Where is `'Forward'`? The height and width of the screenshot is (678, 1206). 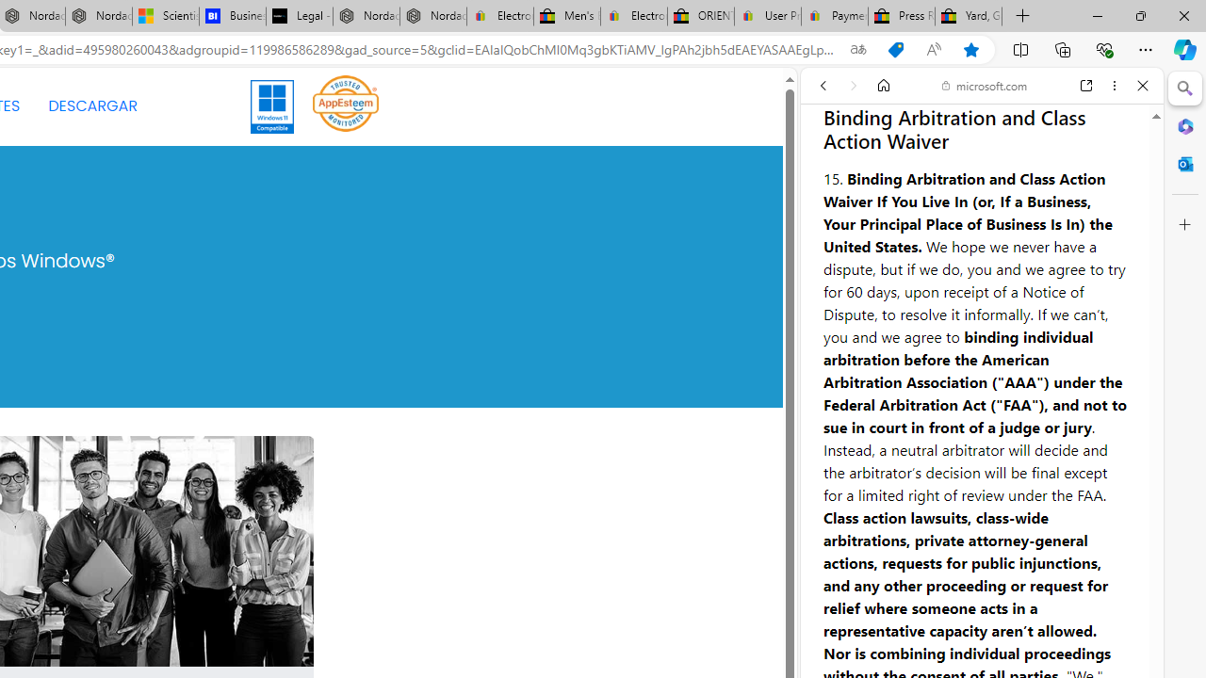 'Forward' is located at coordinates (853, 86).